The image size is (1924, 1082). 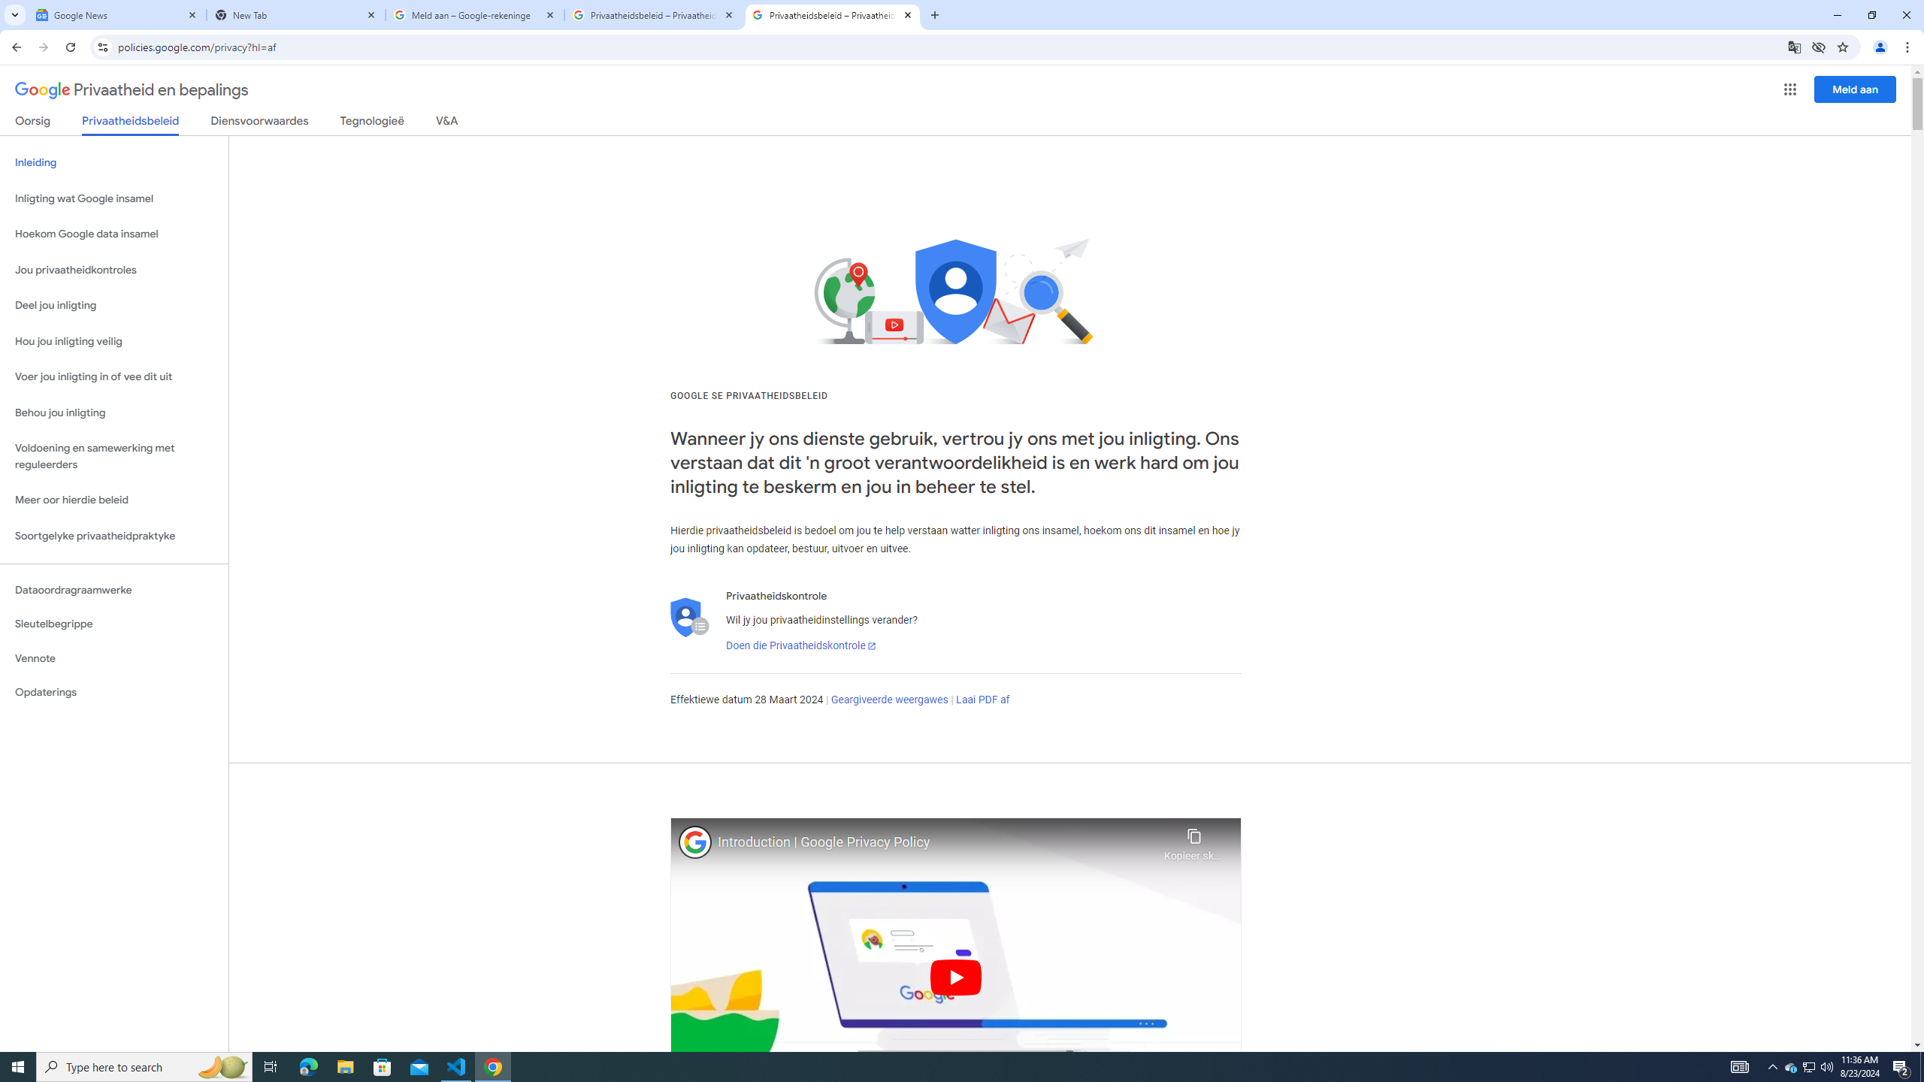 What do you see at coordinates (1841, 46) in the screenshot?
I see `'Bookmark this tab'` at bounding box center [1841, 46].